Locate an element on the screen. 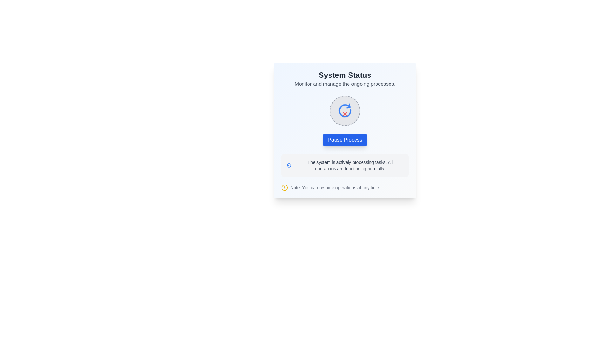 The width and height of the screenshot is (610, 343). the informational message block that indicates the system is processing tasks, located beneath the 'Pause Process' button and above a smaller text note with a yellow icon is located at coordinates (344, 165).